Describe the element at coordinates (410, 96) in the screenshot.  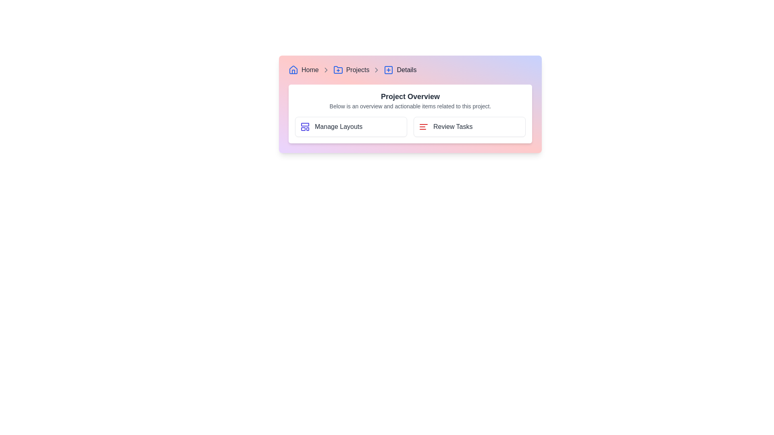
I see `the bold text label 'Project Overview' which is prominently displayed in the header section` at that location.